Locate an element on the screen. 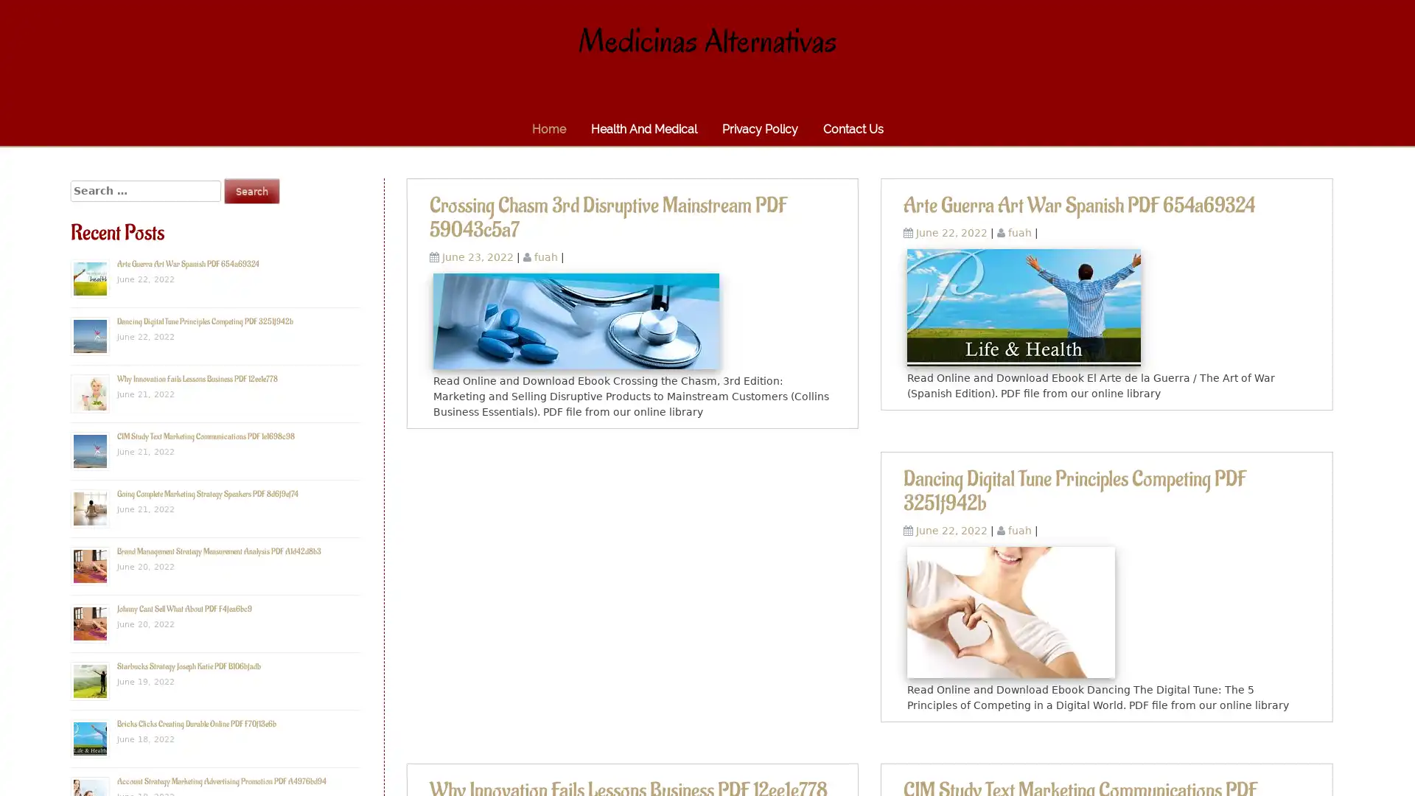 The height and width of the screenshot is (796, 1415). Search is located at coordinates (251, 190).